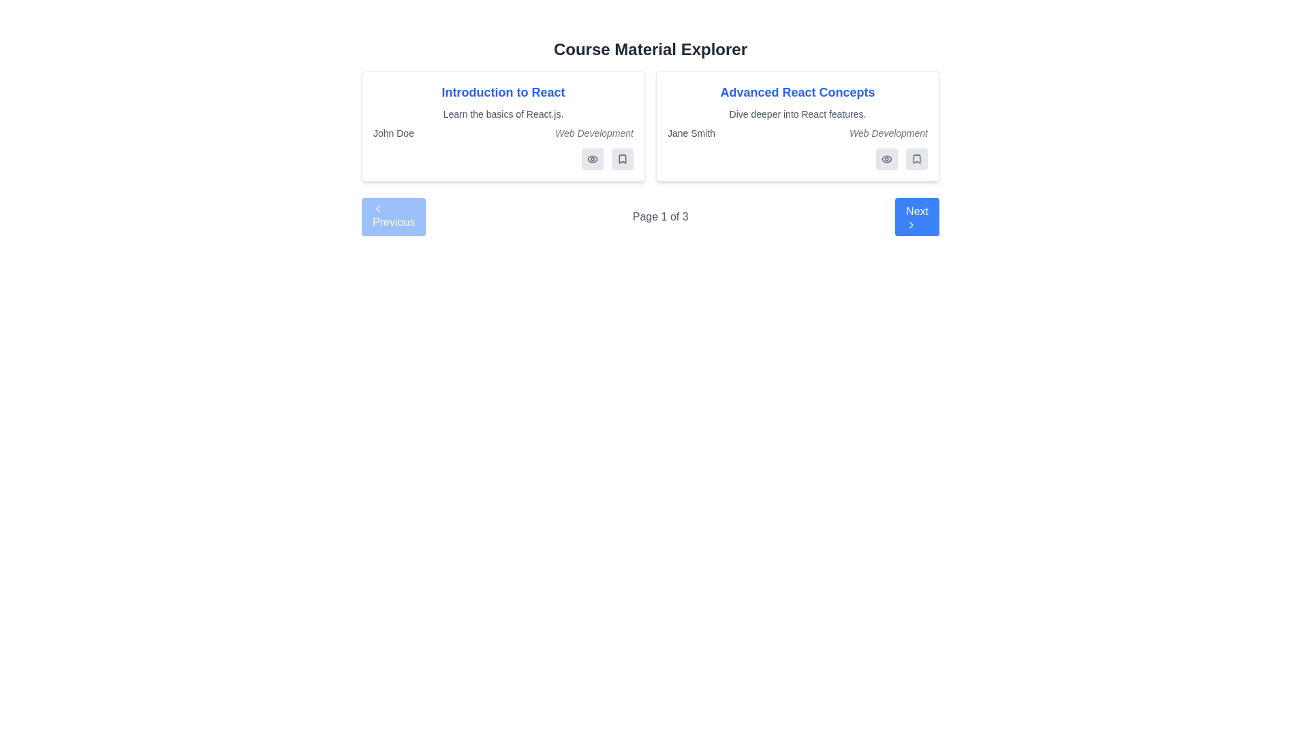 The height and width of the screenshot is (735, 1308). What do you see at coordinates (916, 159) in the screenshot?
I see `the bookmark icon button located in the card labeled 'Advanced React Concepts' under 'Jane Smith' to bookmark` at bounding box center [916, 159].